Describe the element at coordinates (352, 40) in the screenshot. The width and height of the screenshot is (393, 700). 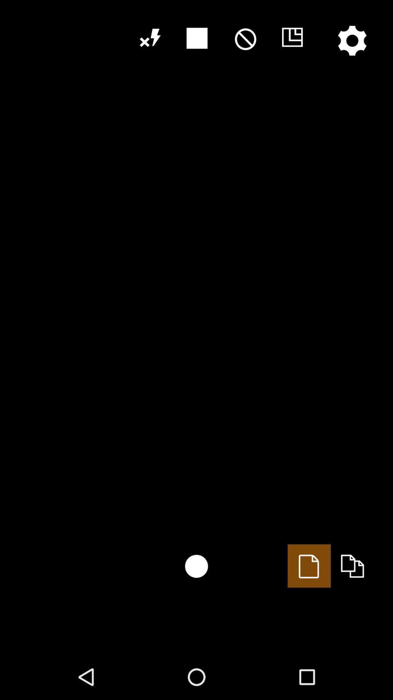
I see `the settings icon` at that location.